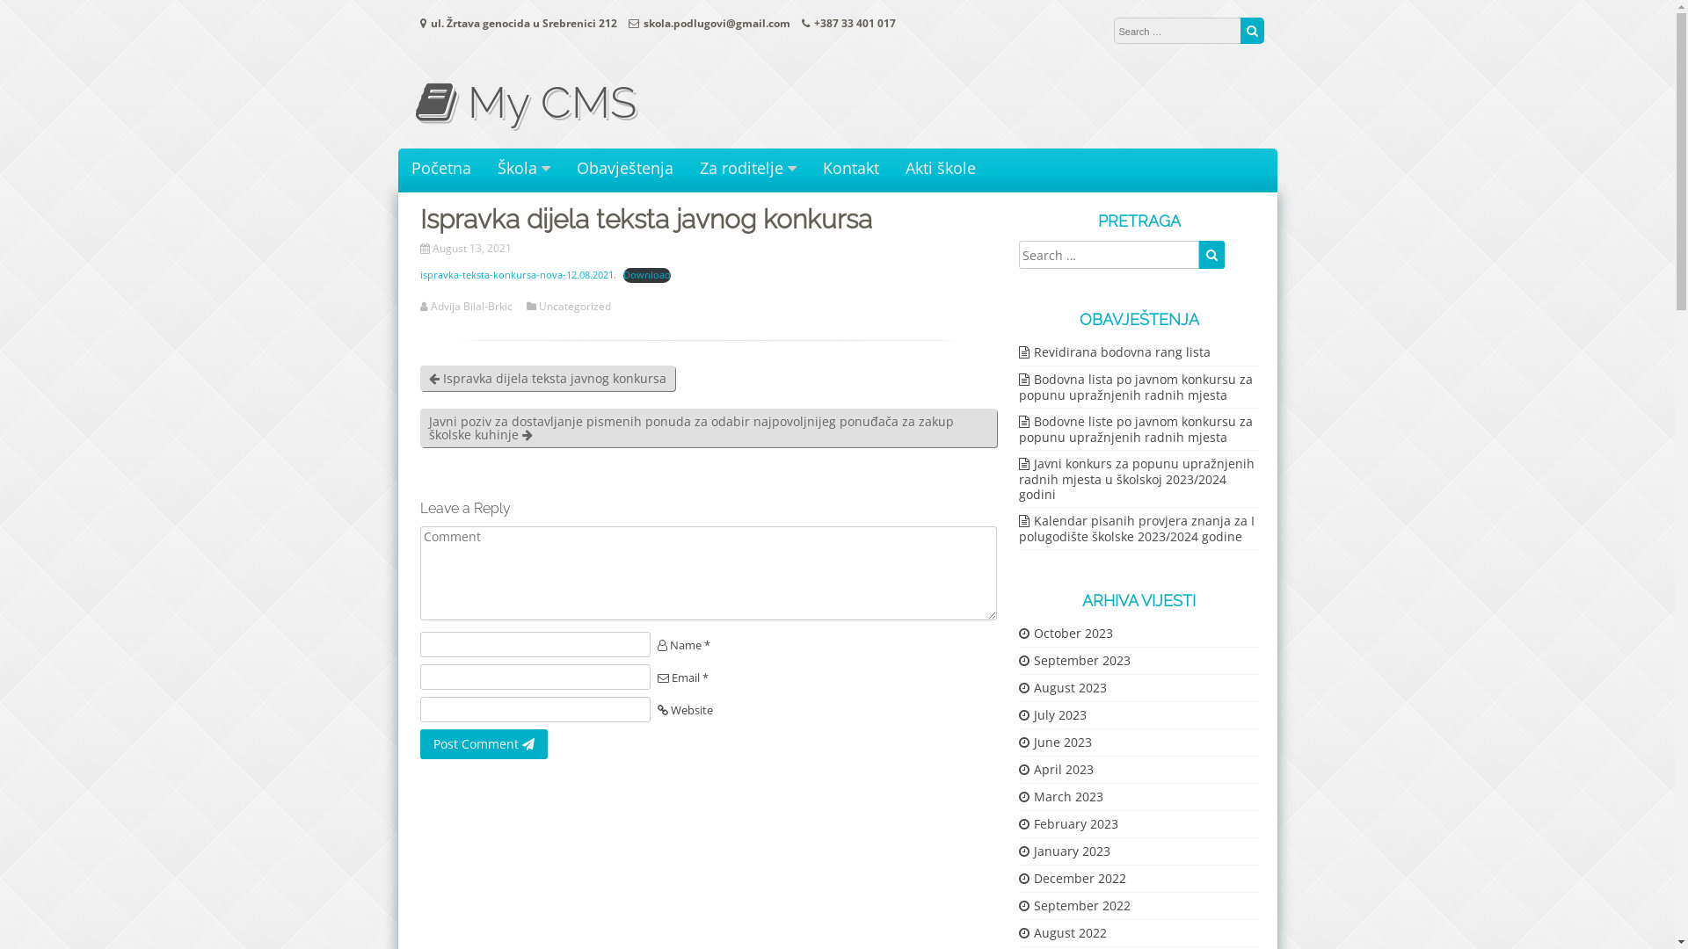  Describe the element at coordinates (1113, 351) in the screenshot. I see `'Revidirana bodovna rang lista'` at that location.